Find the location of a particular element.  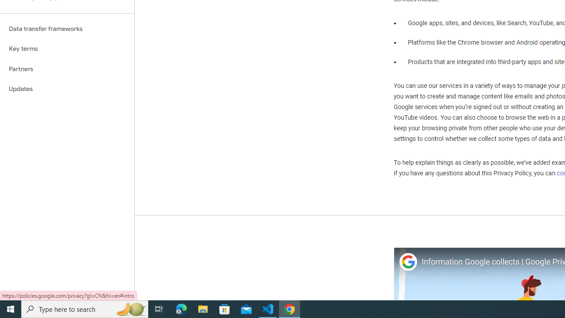

'Data transfer frameworks' is located at coordinates (67, 28).